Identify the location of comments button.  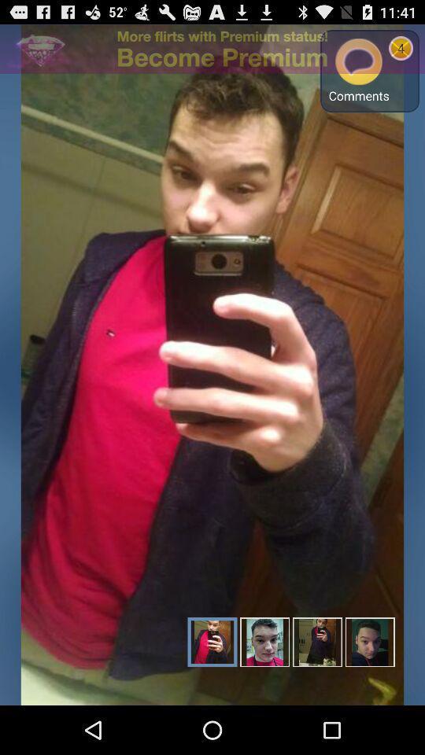
(359, 71).